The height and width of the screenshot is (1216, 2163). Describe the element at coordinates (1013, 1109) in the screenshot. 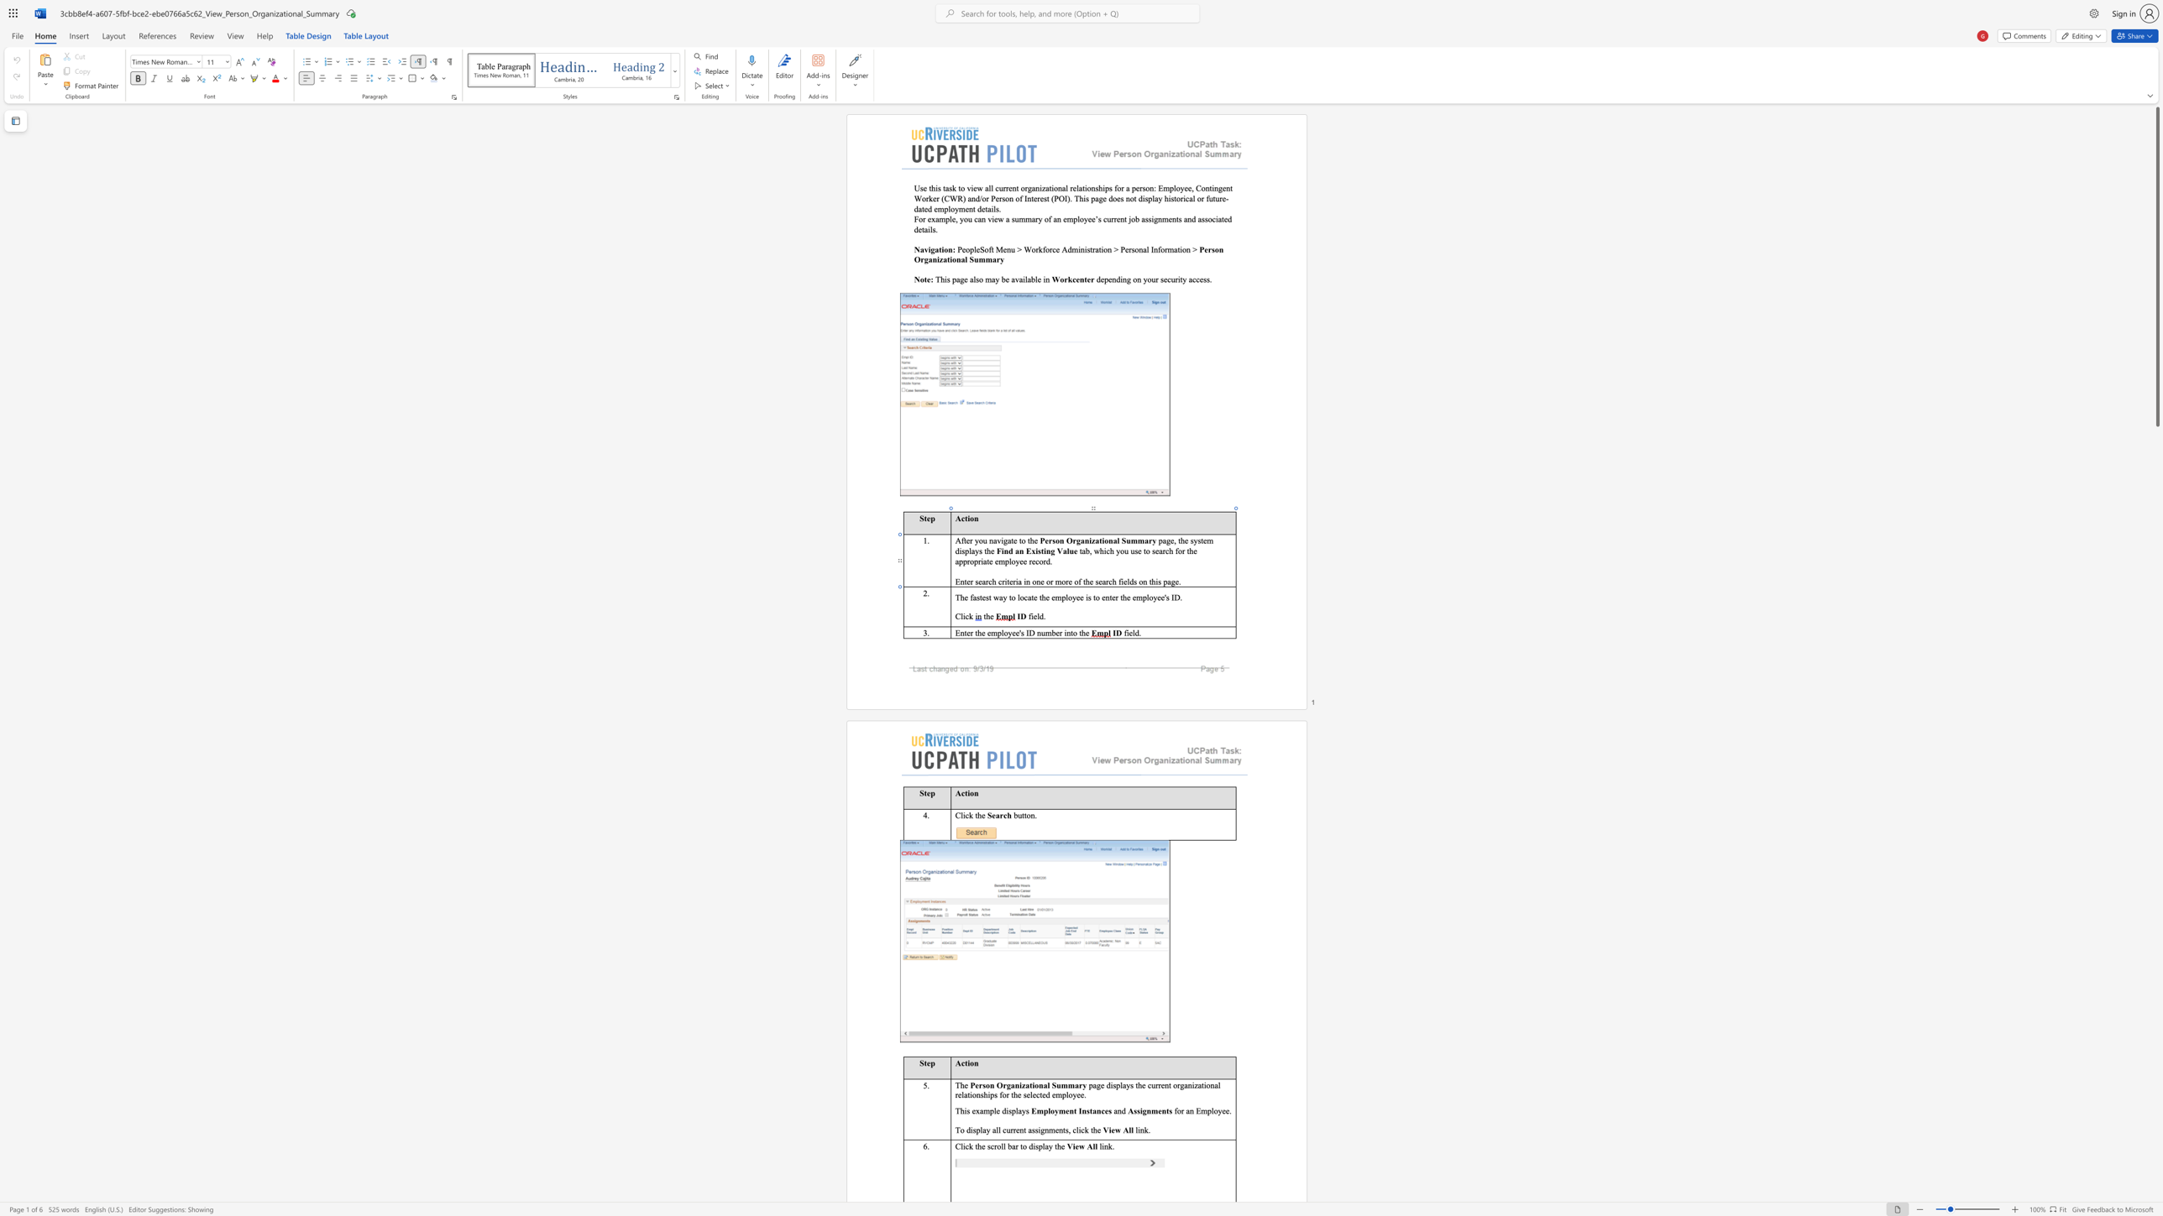

I see `the 2th character "p" in the text` at that location.